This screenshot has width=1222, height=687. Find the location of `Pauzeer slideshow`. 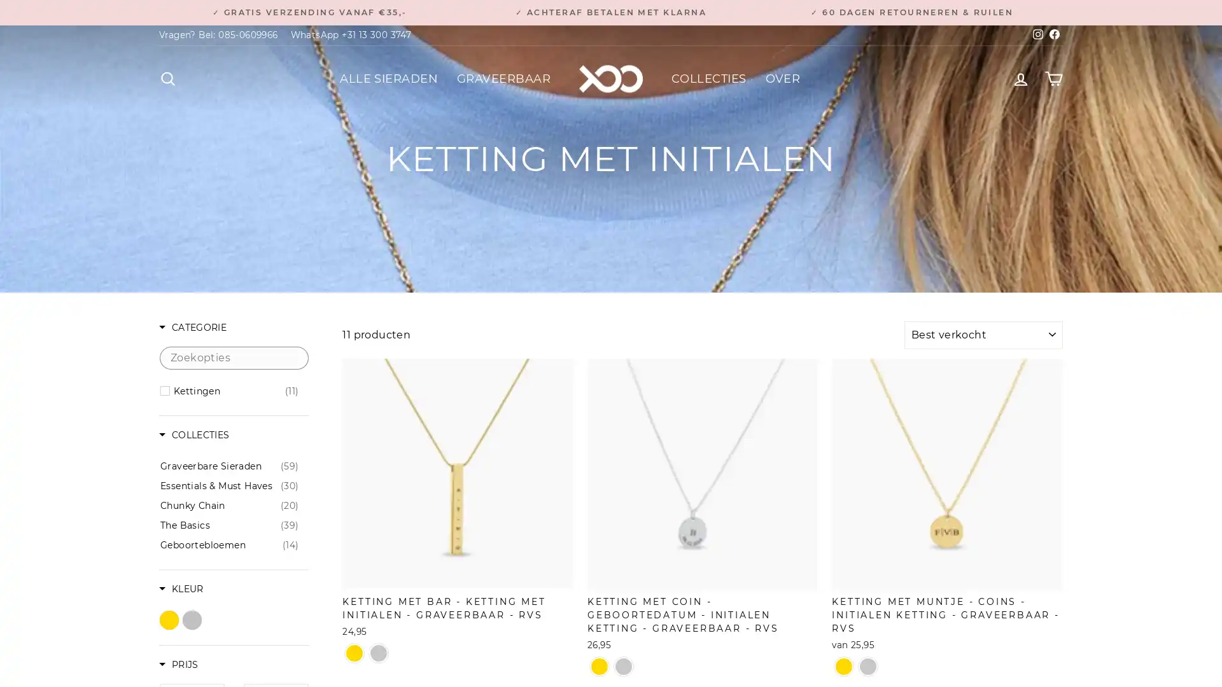

Pauzeer slideshow is located at coordinates (614, 7).